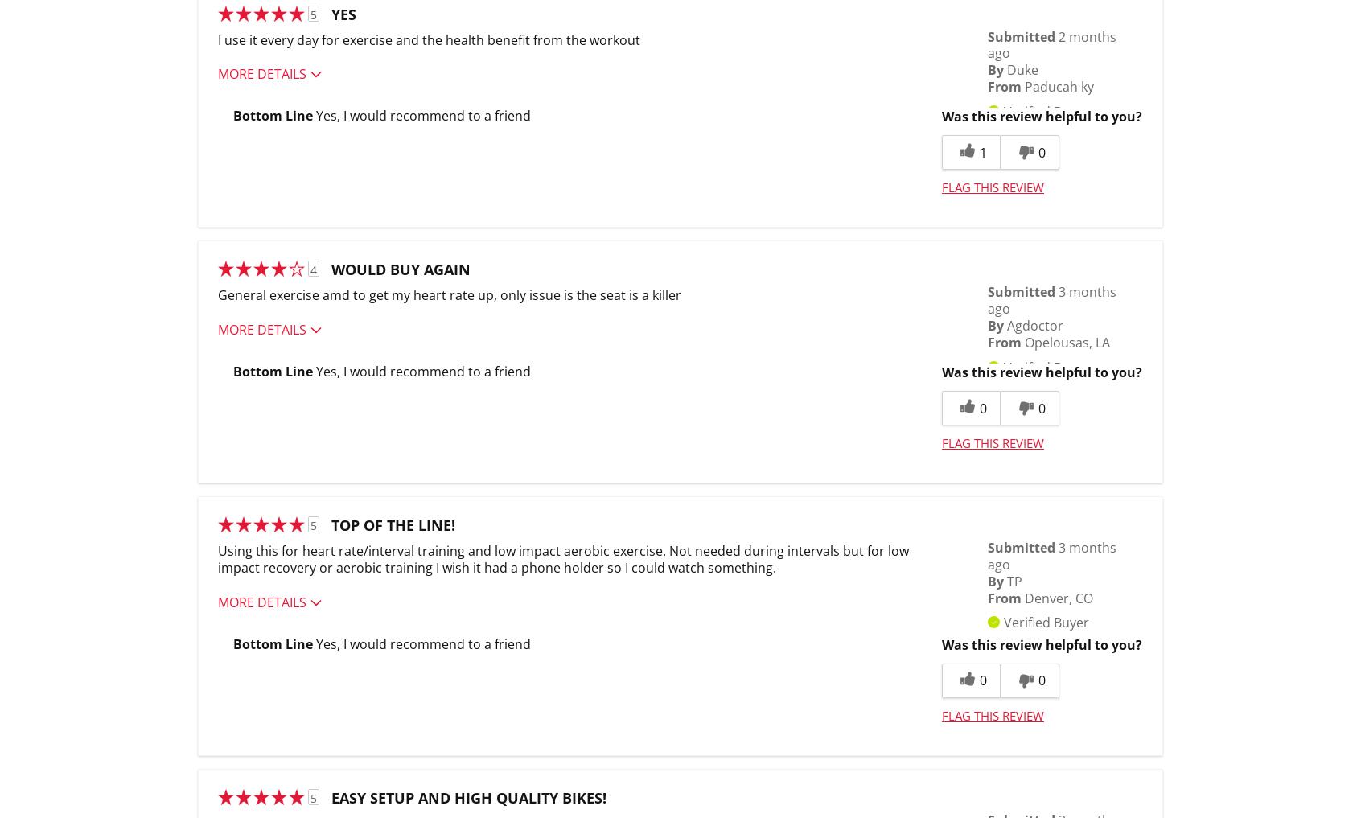  Describe the element at coordinates (988, 43) in the screenshot. I see `'2 months ago'` at that location.